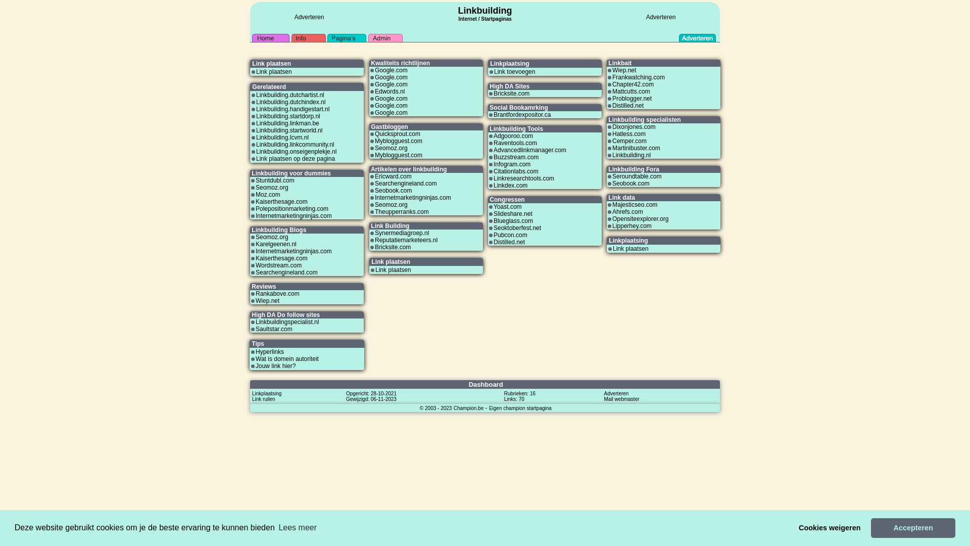  I want to click on 'Myblogguest.com', so click(398, 141).